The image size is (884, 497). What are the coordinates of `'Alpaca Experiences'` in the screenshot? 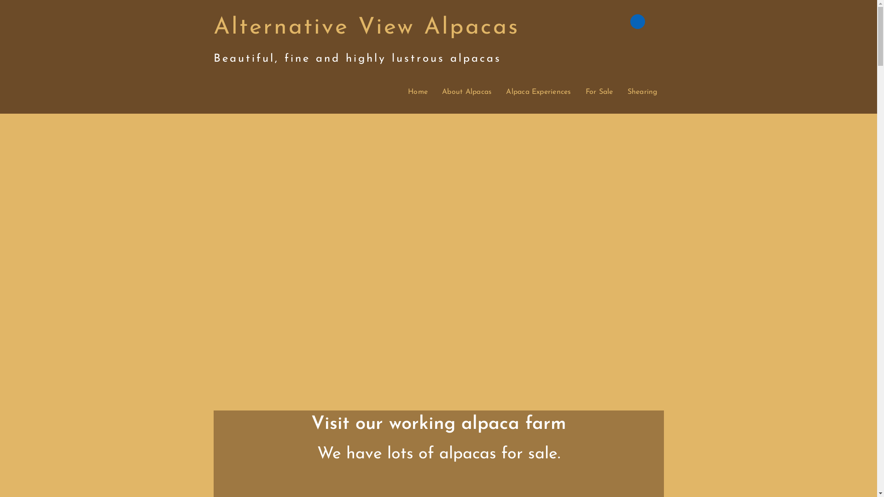 It's located at (538, 92).